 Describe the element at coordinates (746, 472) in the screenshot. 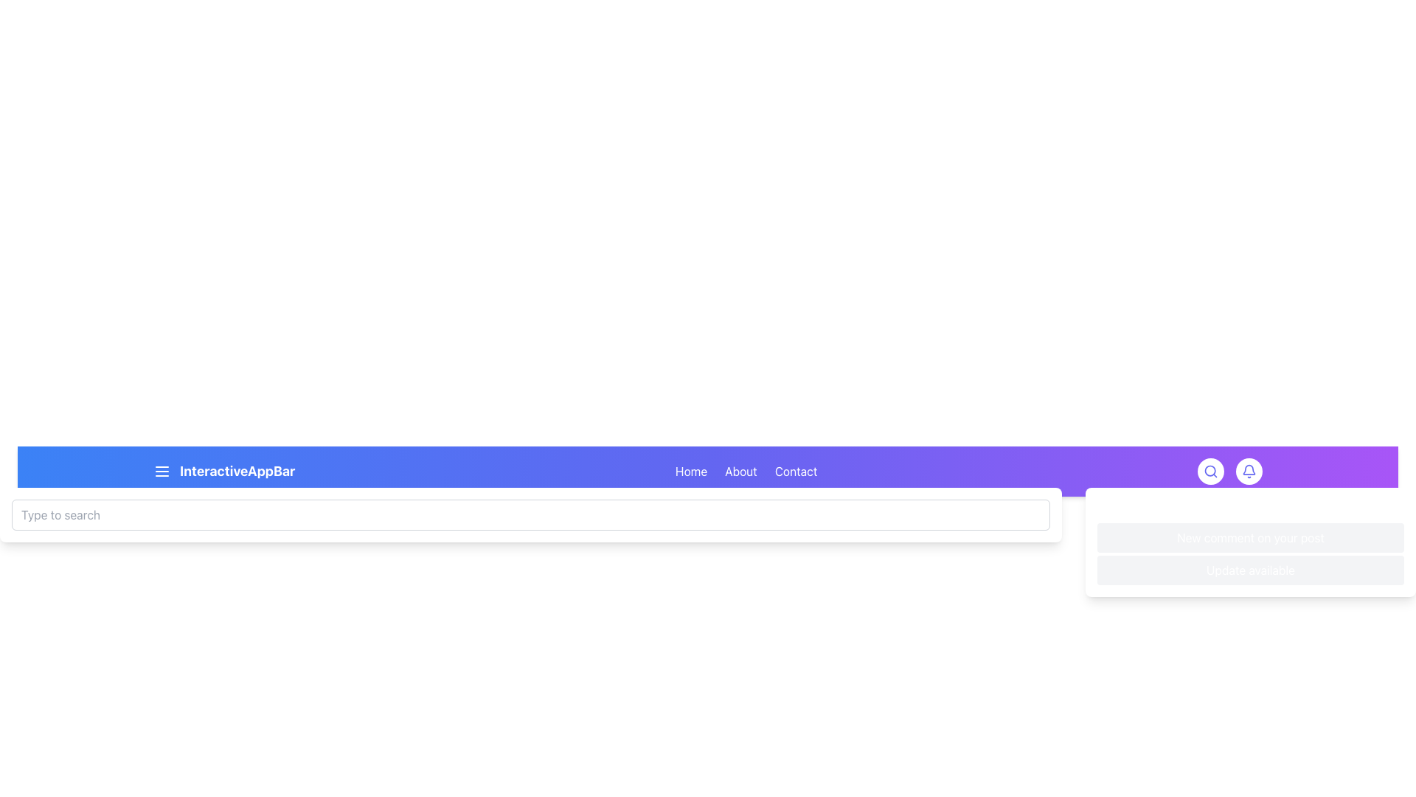

I see `the group of hyperlinks labeled 'Home', 'About', and 'Contact'` at that location.